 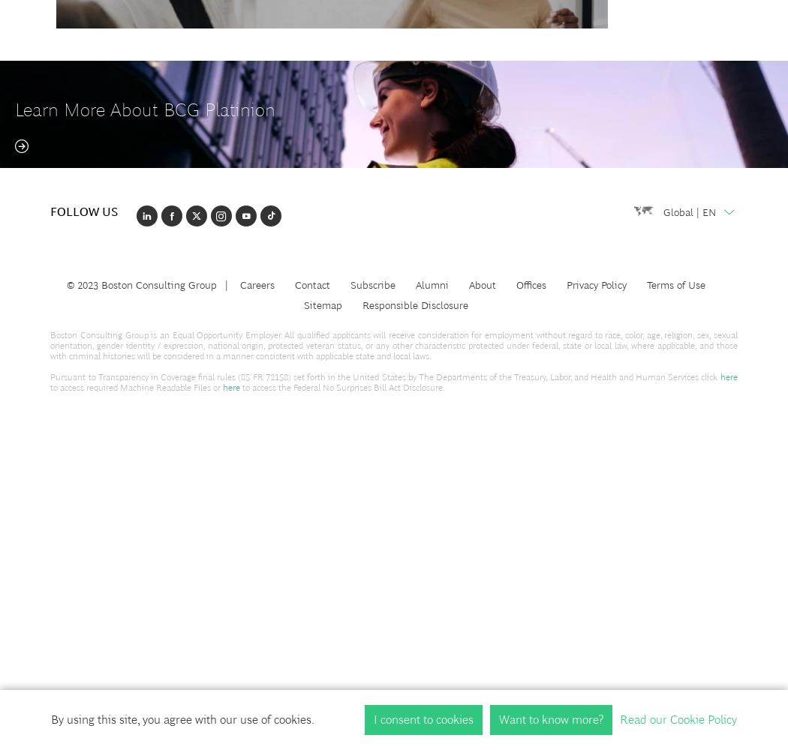 I want to click on 'Responsible Disclosure', so click(x=414, y=304).